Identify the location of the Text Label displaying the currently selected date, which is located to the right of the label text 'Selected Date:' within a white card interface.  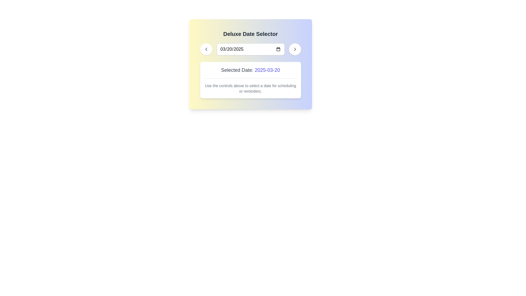
(267, 70).